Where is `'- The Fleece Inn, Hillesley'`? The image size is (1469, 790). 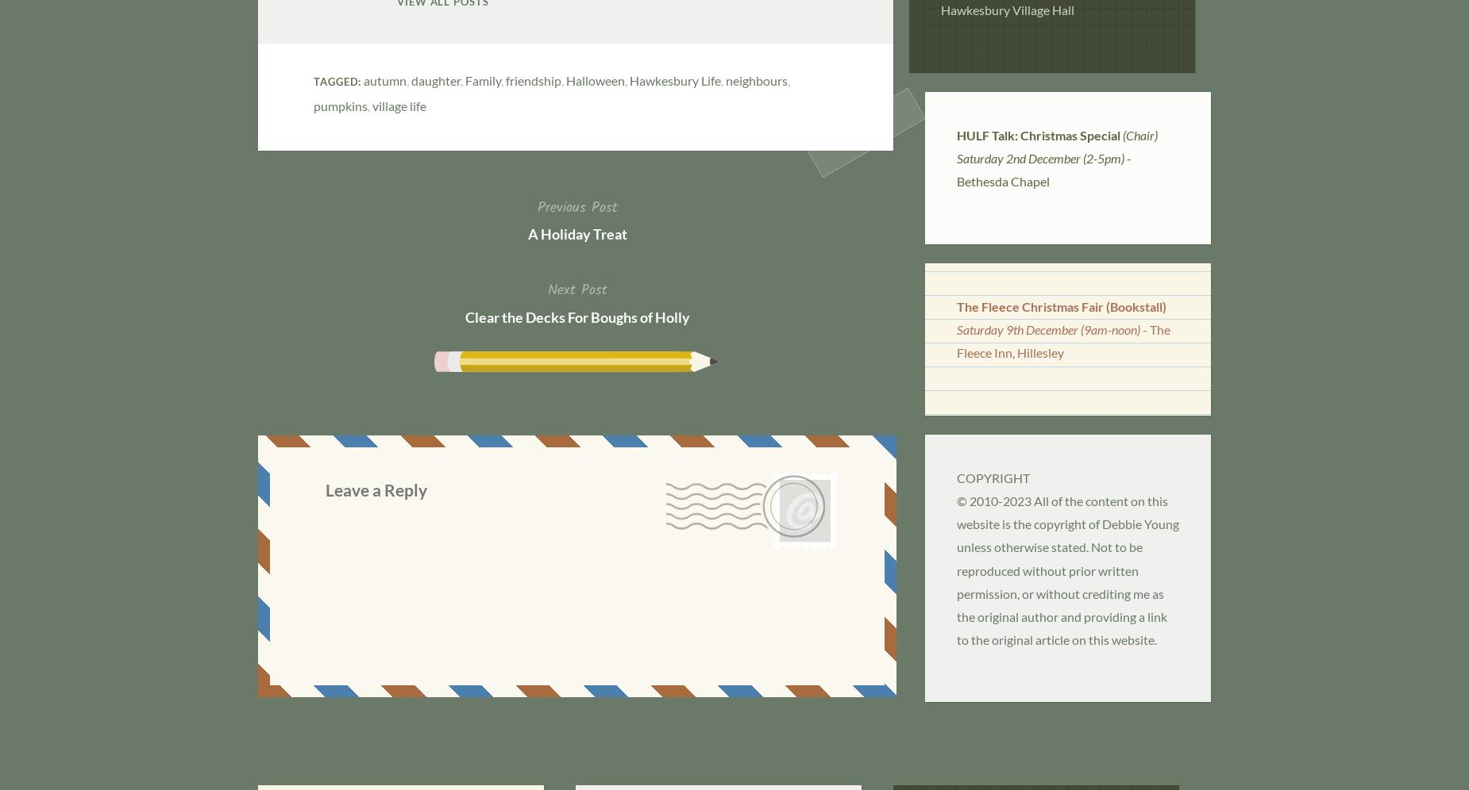
'- The Fleece Inn, Hillesley' is located at coordinates (1062, 340).